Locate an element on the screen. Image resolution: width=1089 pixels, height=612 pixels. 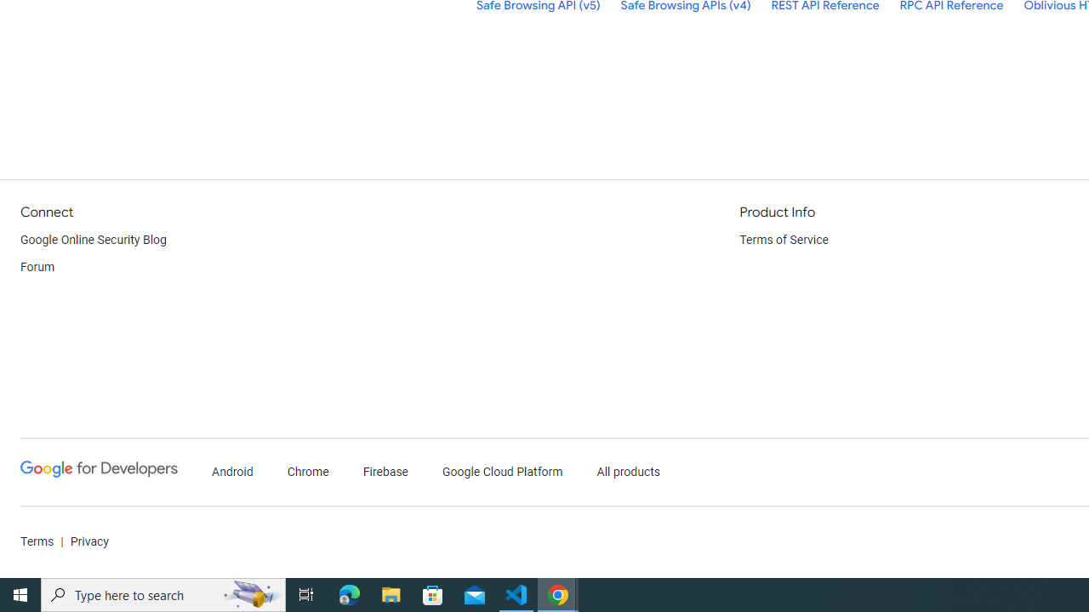
'Google Cloud Platform' is located at coordinates (501, 472).